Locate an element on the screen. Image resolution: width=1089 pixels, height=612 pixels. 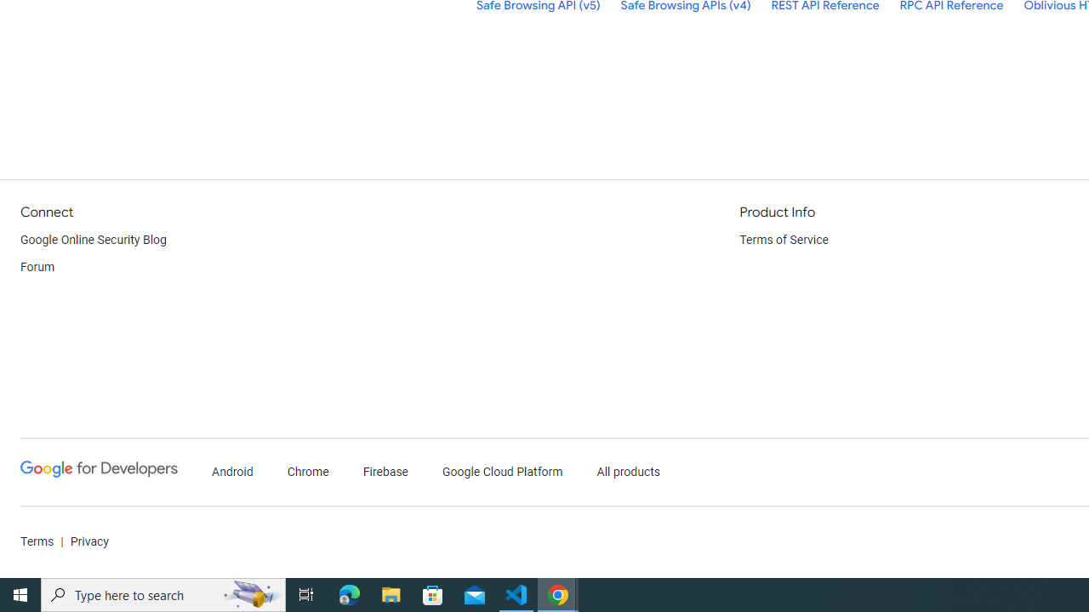
'Google Cloud Platform' is located at coordinates (501, 472).